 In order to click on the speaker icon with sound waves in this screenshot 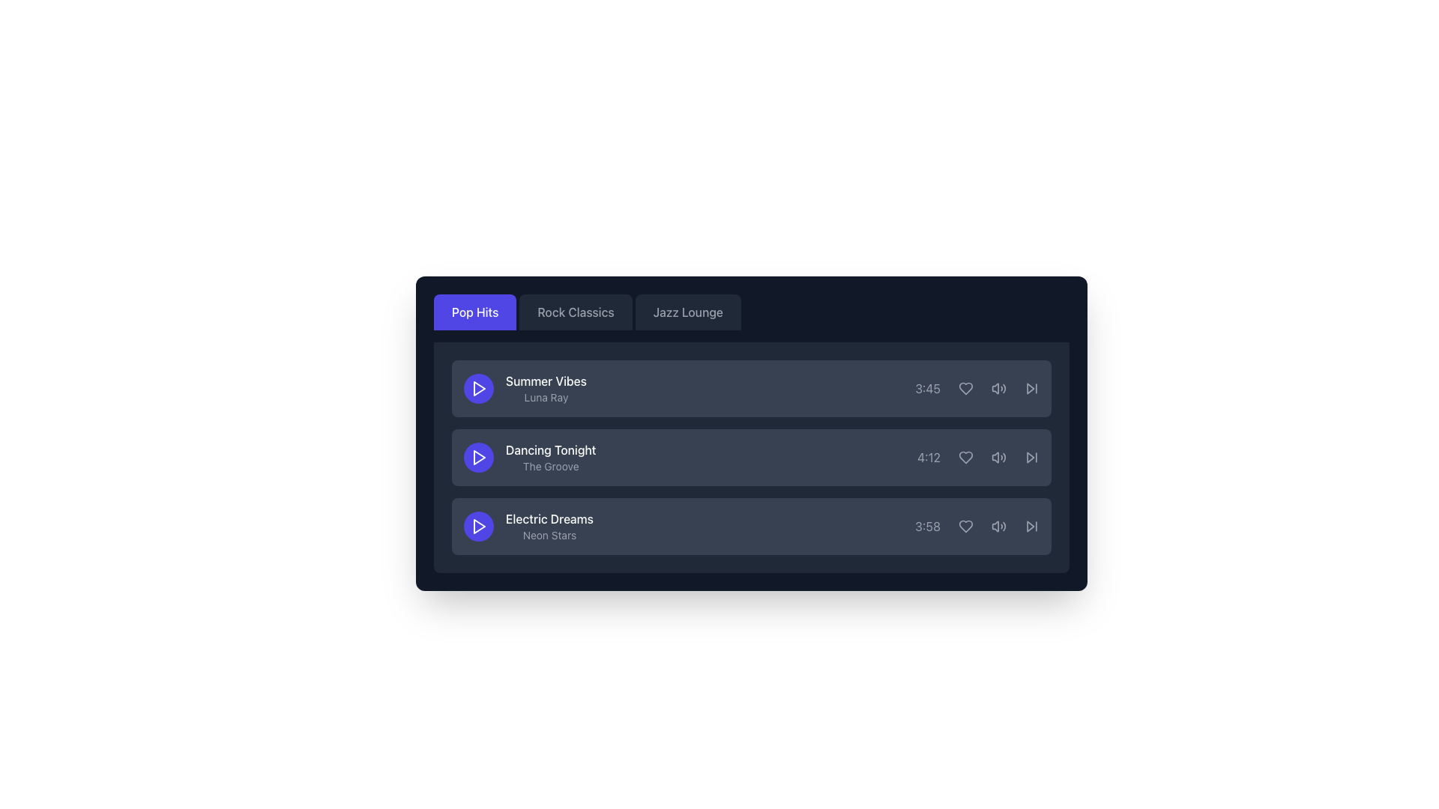, I will do `click(999, 456)`.